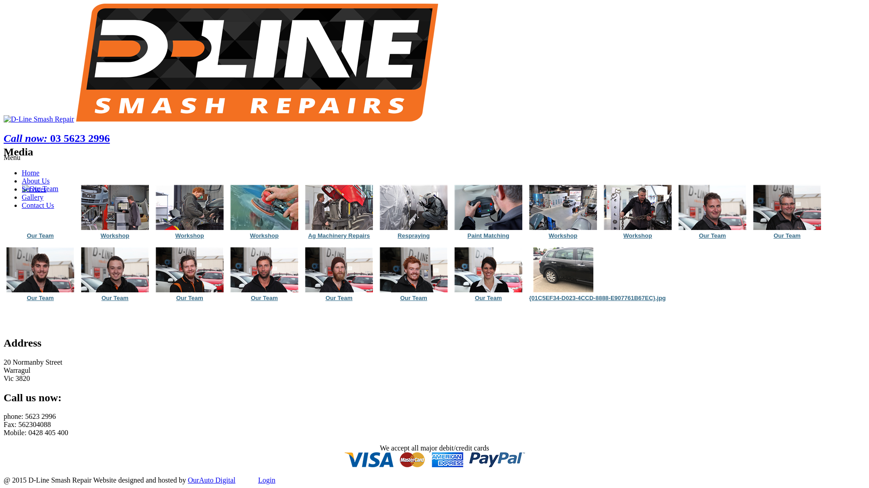 The height and width of the screenshot is (488, 869). I want to click on 'Call now: 03 5623 2996', so click(56, 138).